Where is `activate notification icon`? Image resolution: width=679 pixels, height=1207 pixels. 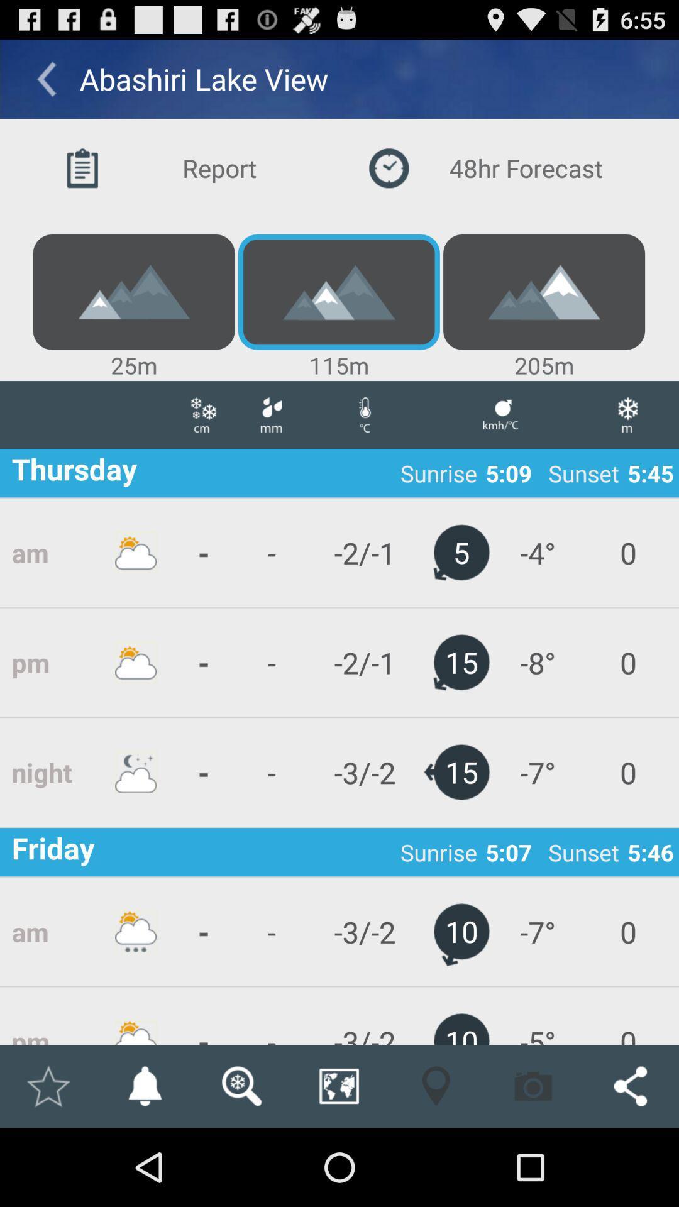
activate notification icon is located at coordinates (144, 1086).